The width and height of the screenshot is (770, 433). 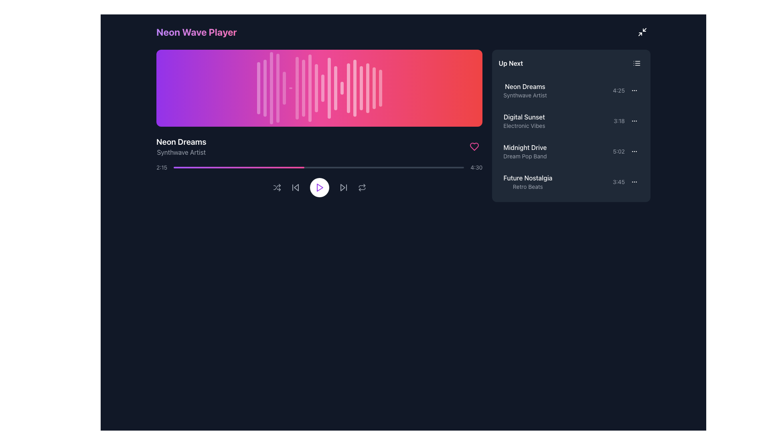 What do you see at coordinates (197, 32) in the screenshot?
I see `the text label that serves as the title 'Neon Wave Player', positioned at the top-left corner of the interface` at bounding box center [197, 32].